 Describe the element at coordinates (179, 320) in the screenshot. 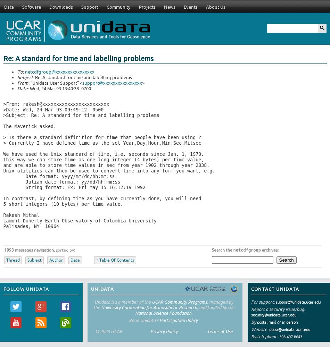

I see `'Participation Policy'` at that location.